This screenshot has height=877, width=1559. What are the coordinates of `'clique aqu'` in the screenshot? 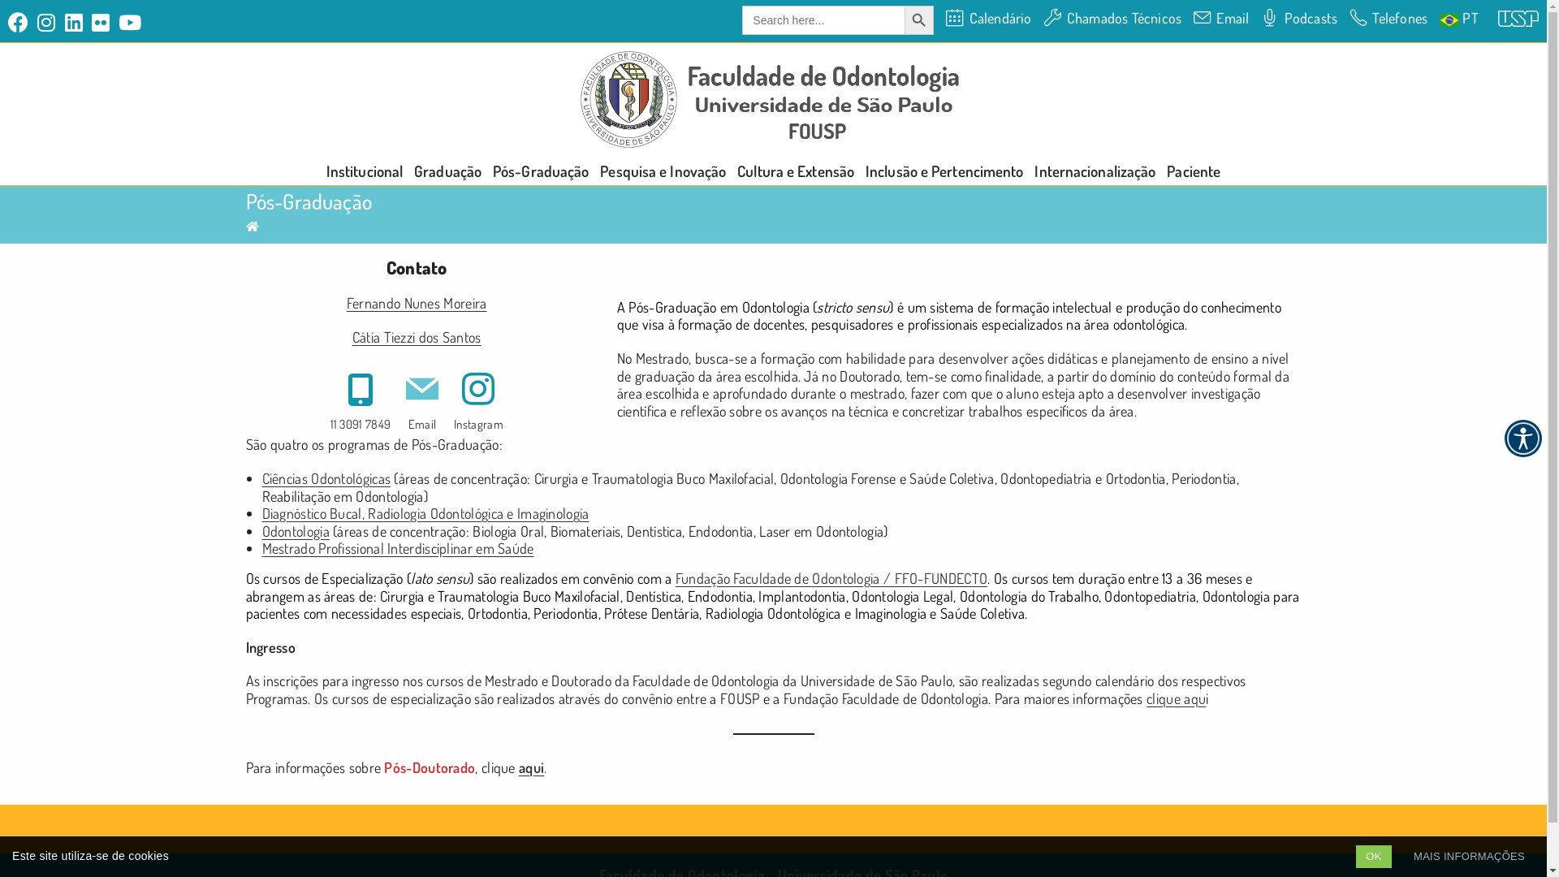 It's located at (1176, 698).